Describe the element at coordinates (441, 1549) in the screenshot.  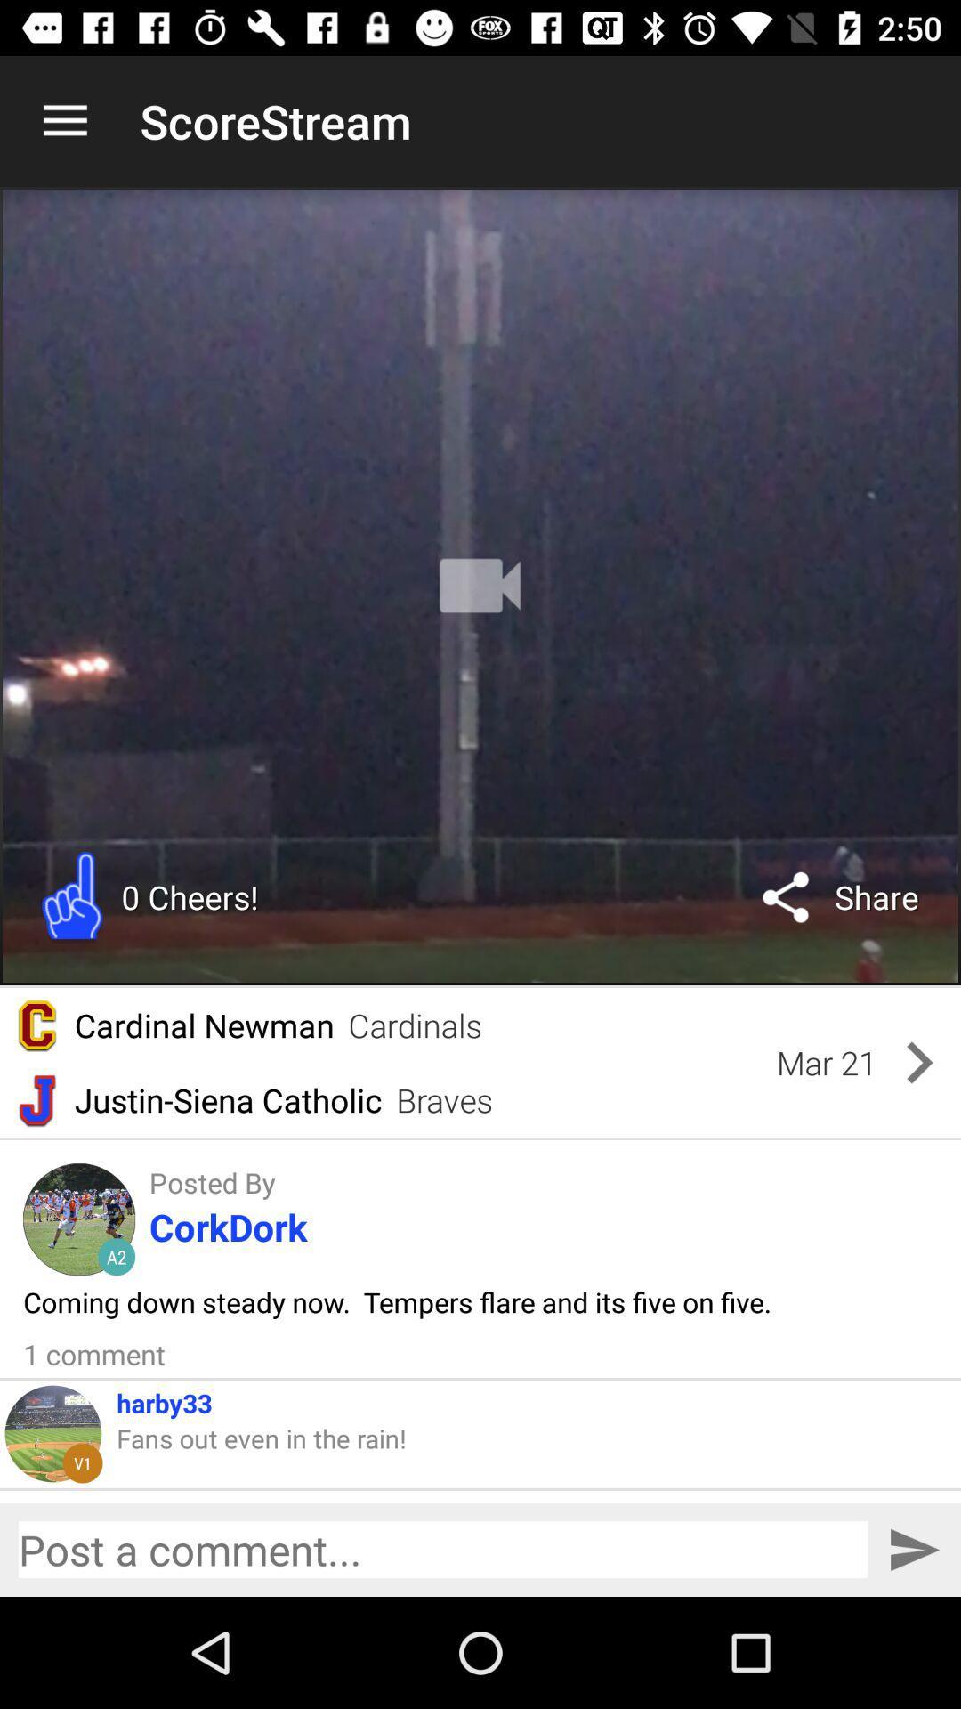
I see `post a comment` at that location.